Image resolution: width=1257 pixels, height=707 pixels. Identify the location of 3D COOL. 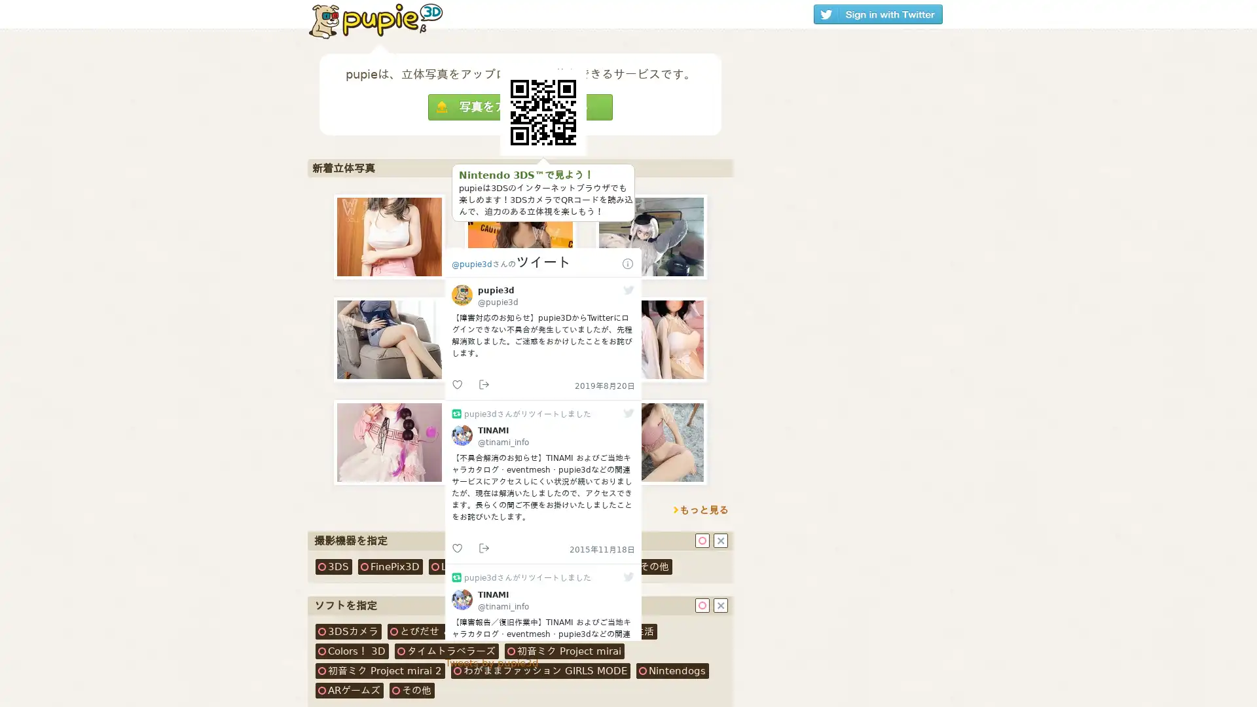
(534, 566).